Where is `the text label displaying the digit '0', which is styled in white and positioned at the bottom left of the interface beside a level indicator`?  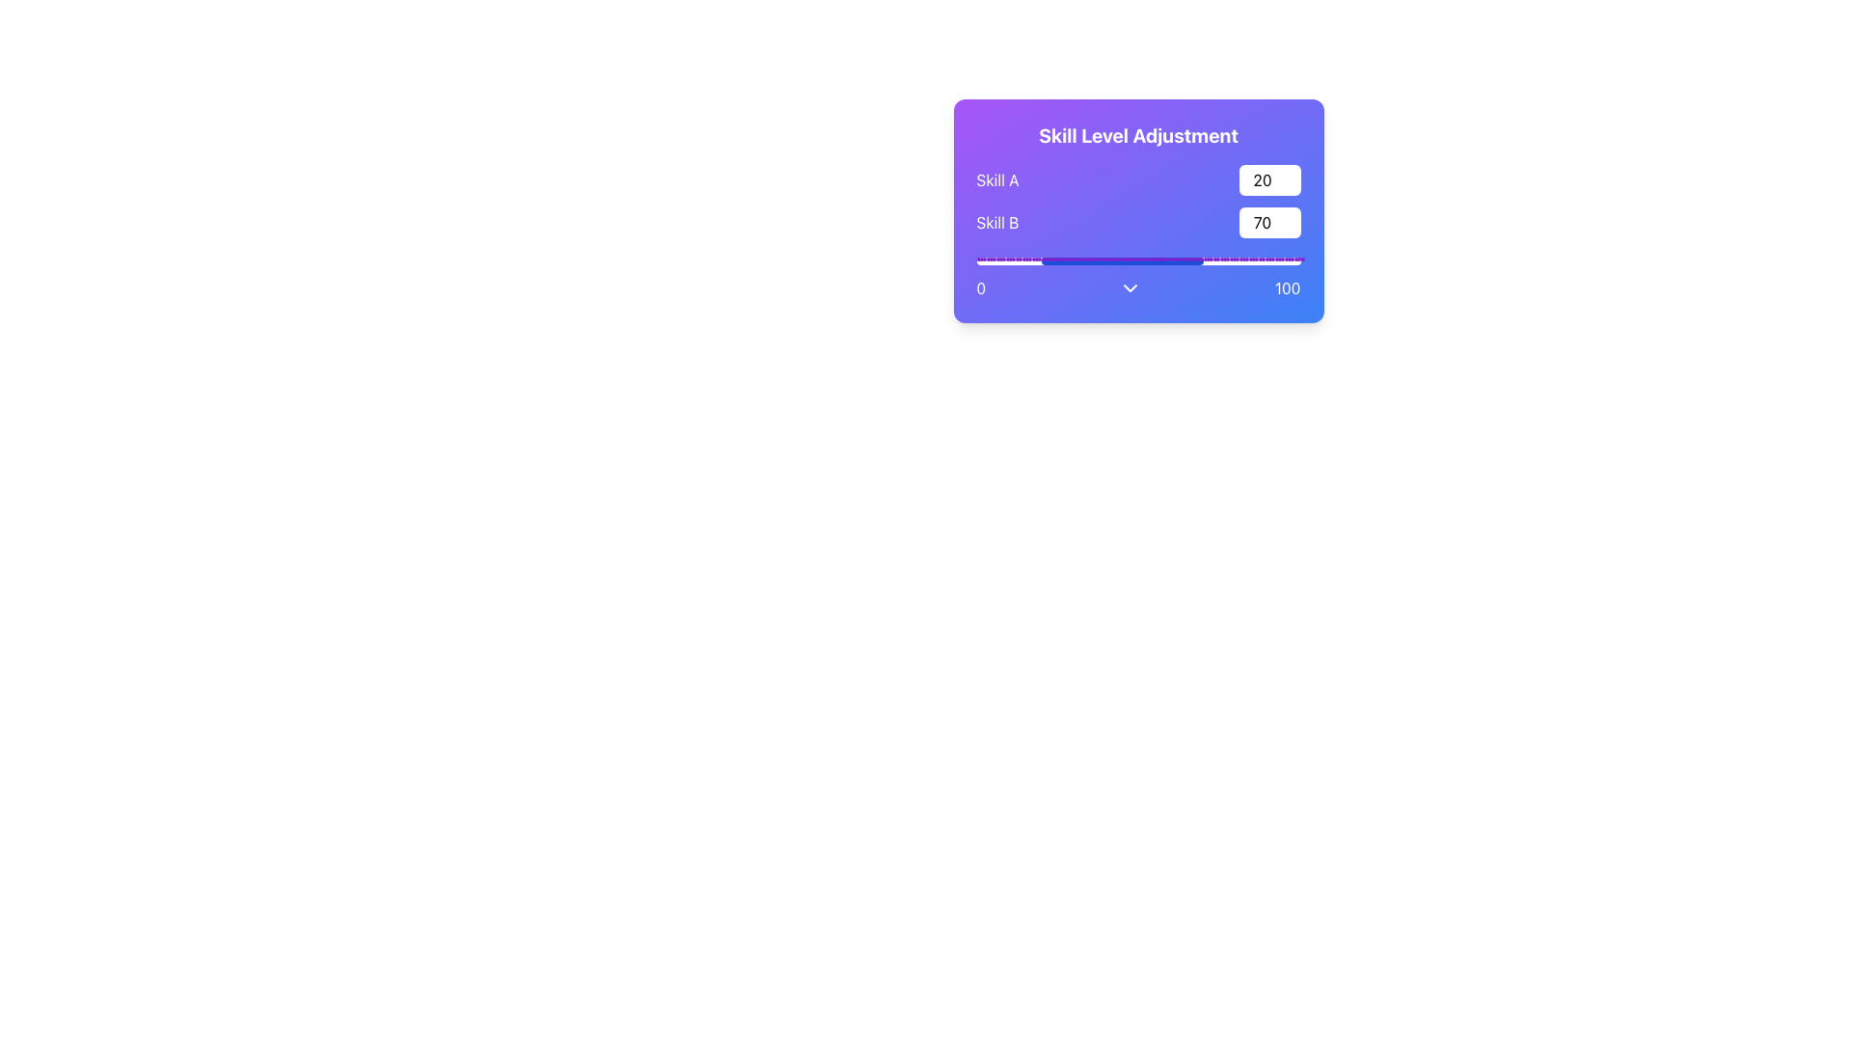 the text label displaying the digit '0', which is styled in white and positioned at the bottom left of the interface beside a level indicator is located at coordinates (981, 288).